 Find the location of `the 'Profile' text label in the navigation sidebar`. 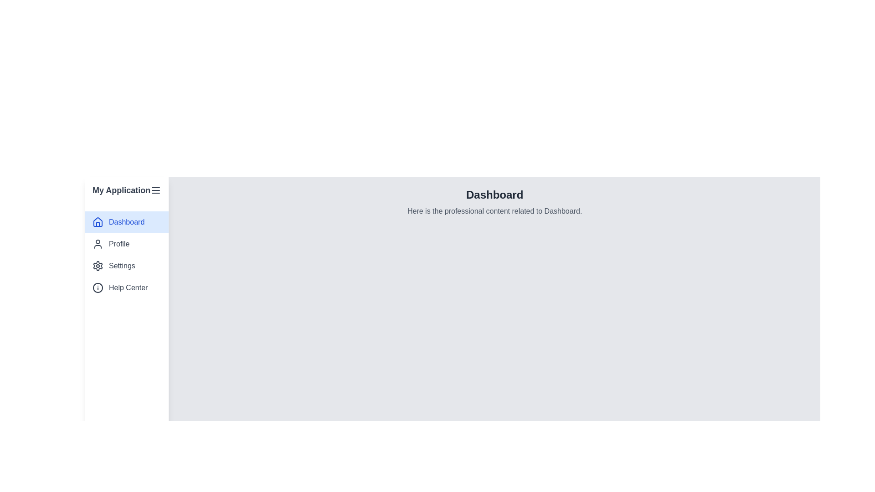

the 'Profile' text label in the navigation sidebar is located at coordinates (118, 244).